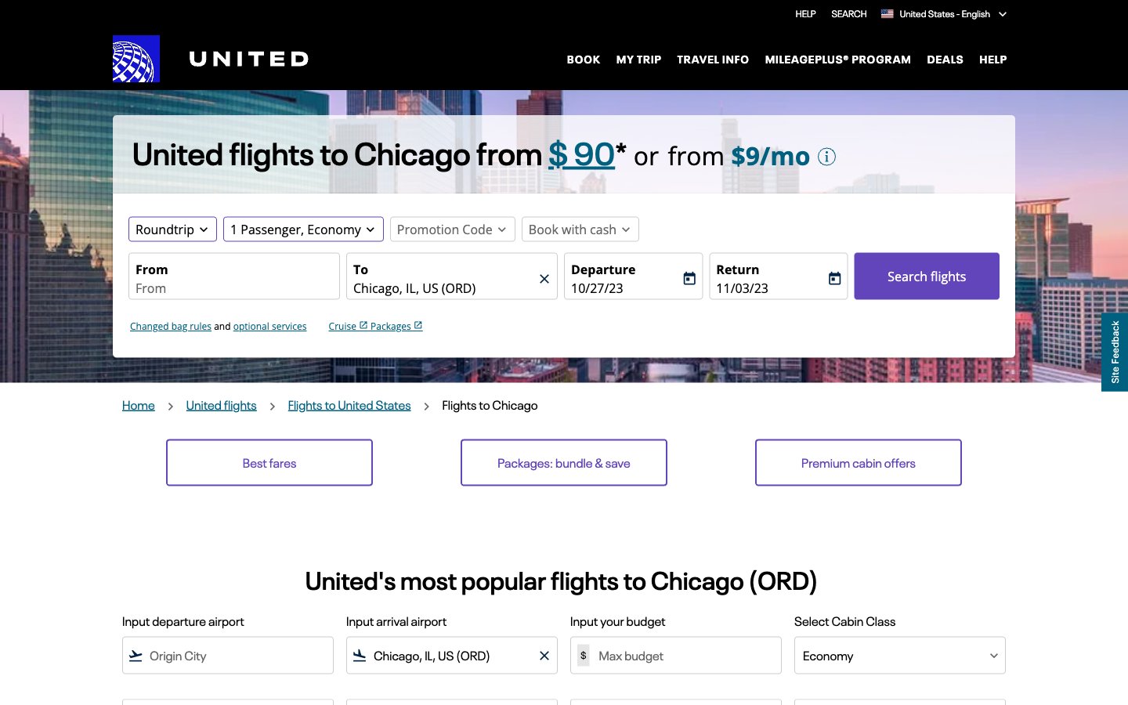 This screenshot has height=705, width=1128. What do you see at coordinates (639, 57) in the screenshot?
I see `Head over to the "My Trip" section` at bounding box center [639, 57].